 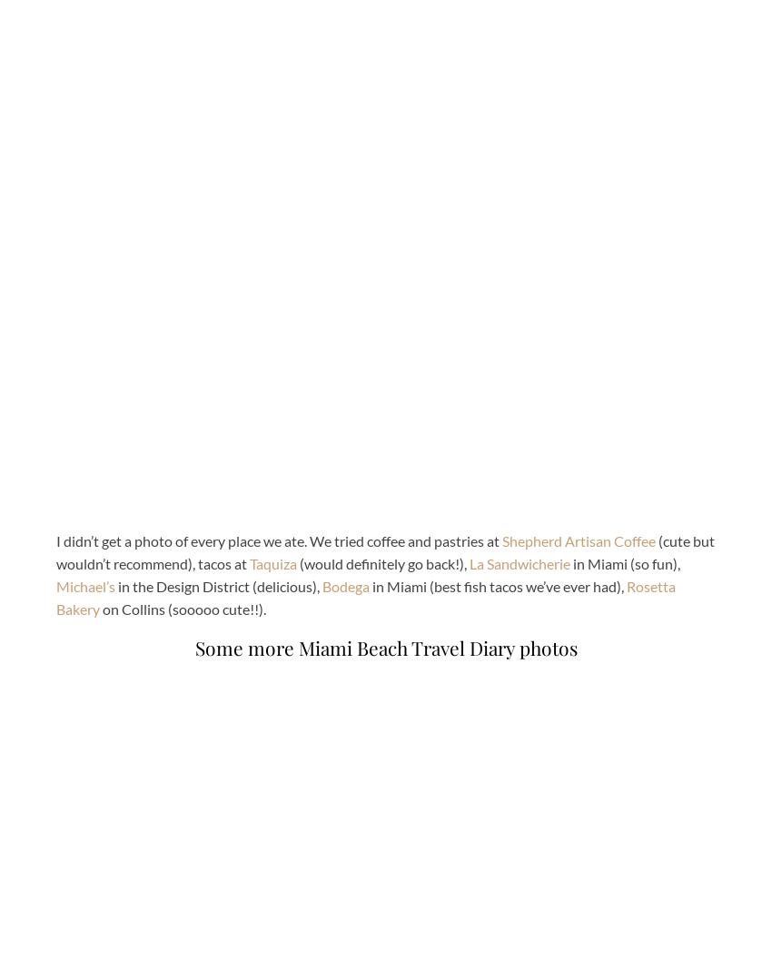 I want to click on '(cute but wouldn’t recommend), tacos at', so click(x=385, y=552).